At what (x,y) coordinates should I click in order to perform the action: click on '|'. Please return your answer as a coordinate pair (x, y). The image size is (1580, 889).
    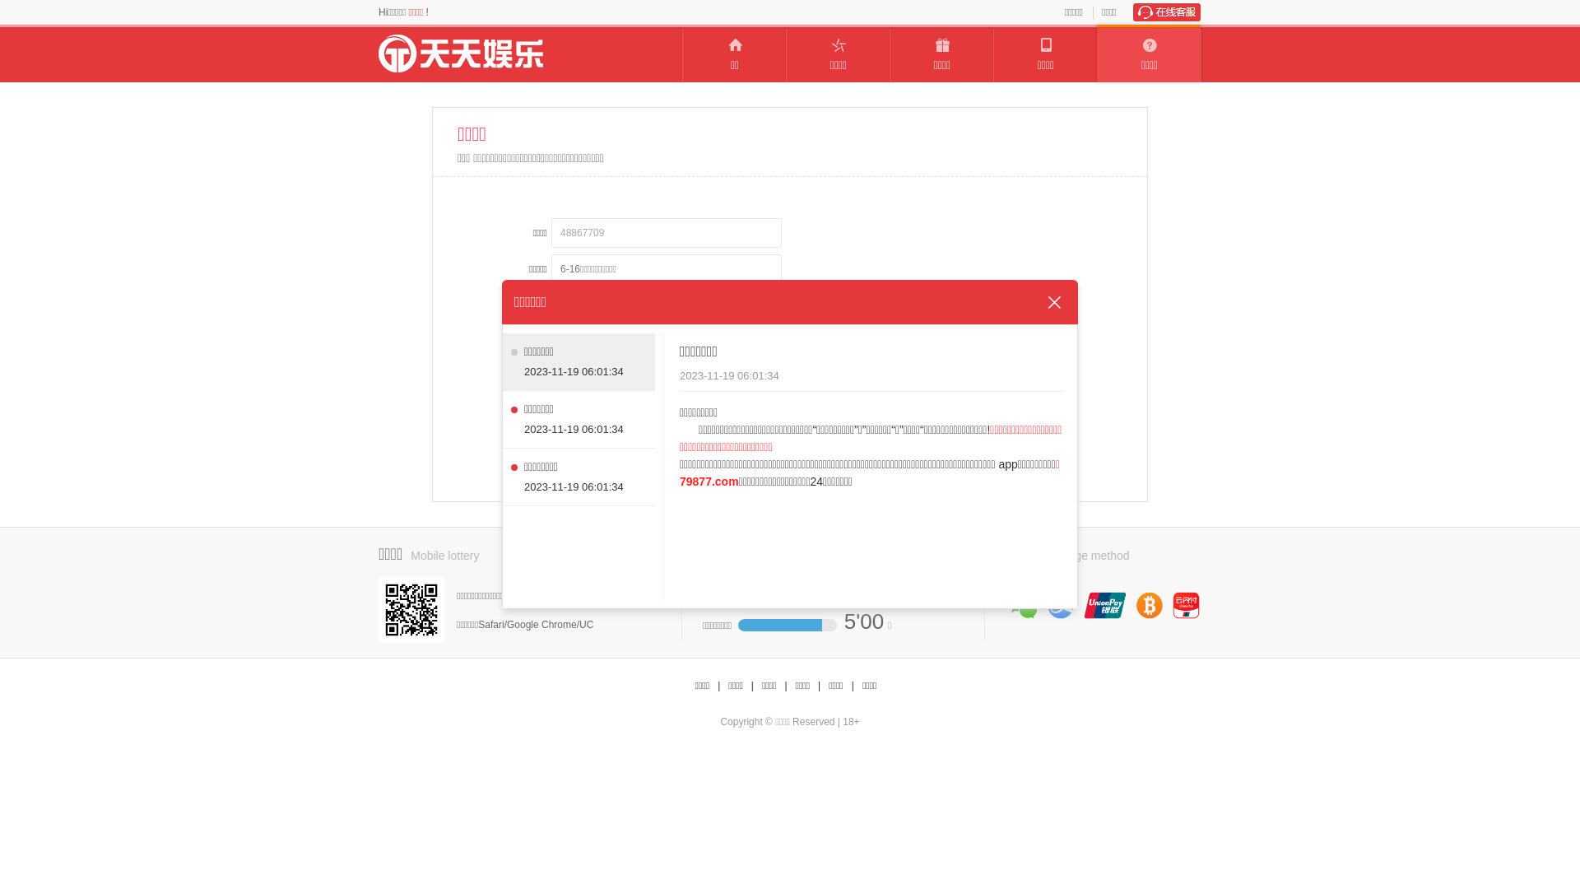
    Looking at the image, I should click on (718, 686).